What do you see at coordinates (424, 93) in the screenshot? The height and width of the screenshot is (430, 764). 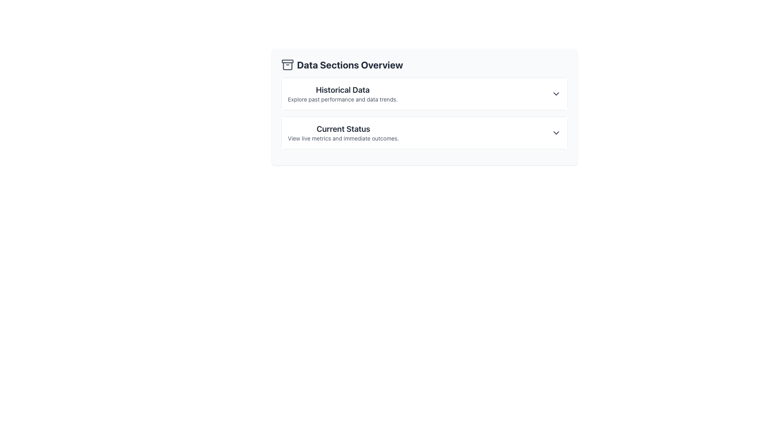 I see `the 'Historical Data' expandable section header` at bounding box center [424, 93].